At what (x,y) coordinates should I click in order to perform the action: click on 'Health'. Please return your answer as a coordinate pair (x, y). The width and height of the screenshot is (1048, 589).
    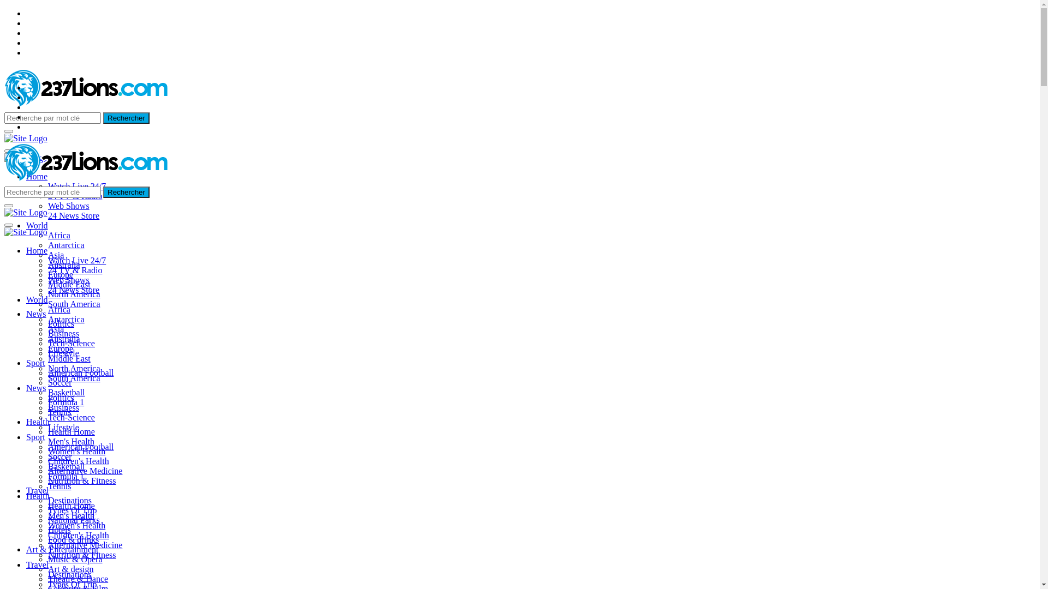
    Looking at the image, I should click on (38, 421).